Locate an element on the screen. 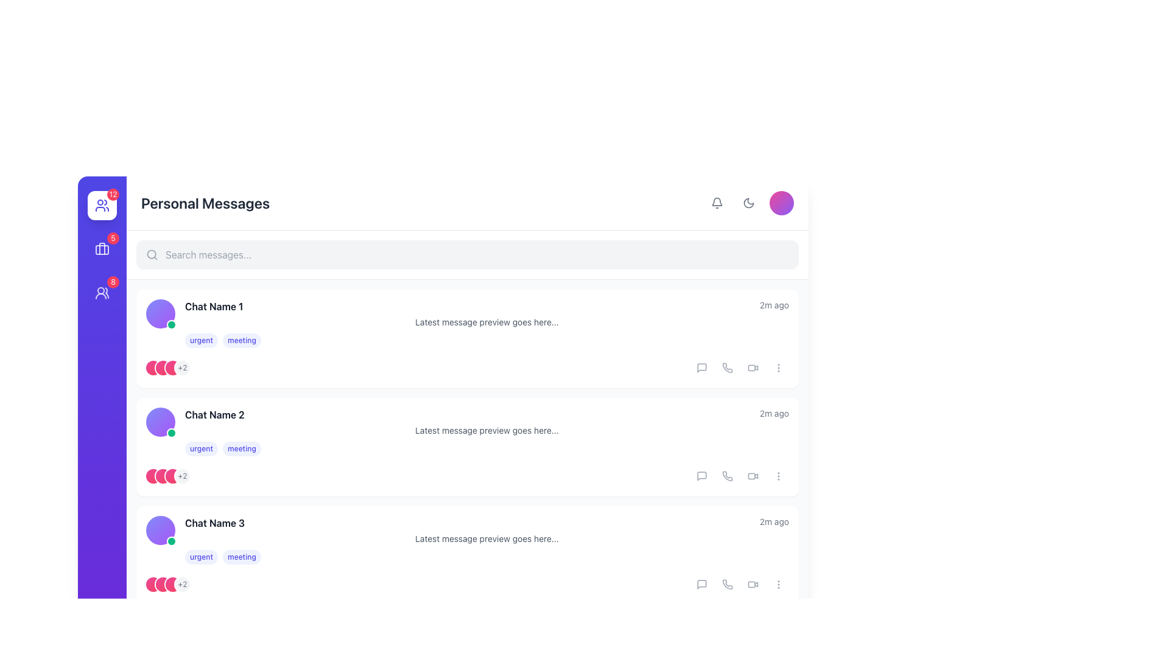  the small, stylized phone icon button located in the rightmost section of the second interaction options row to initiate a call is located at coordinates (728, 476).